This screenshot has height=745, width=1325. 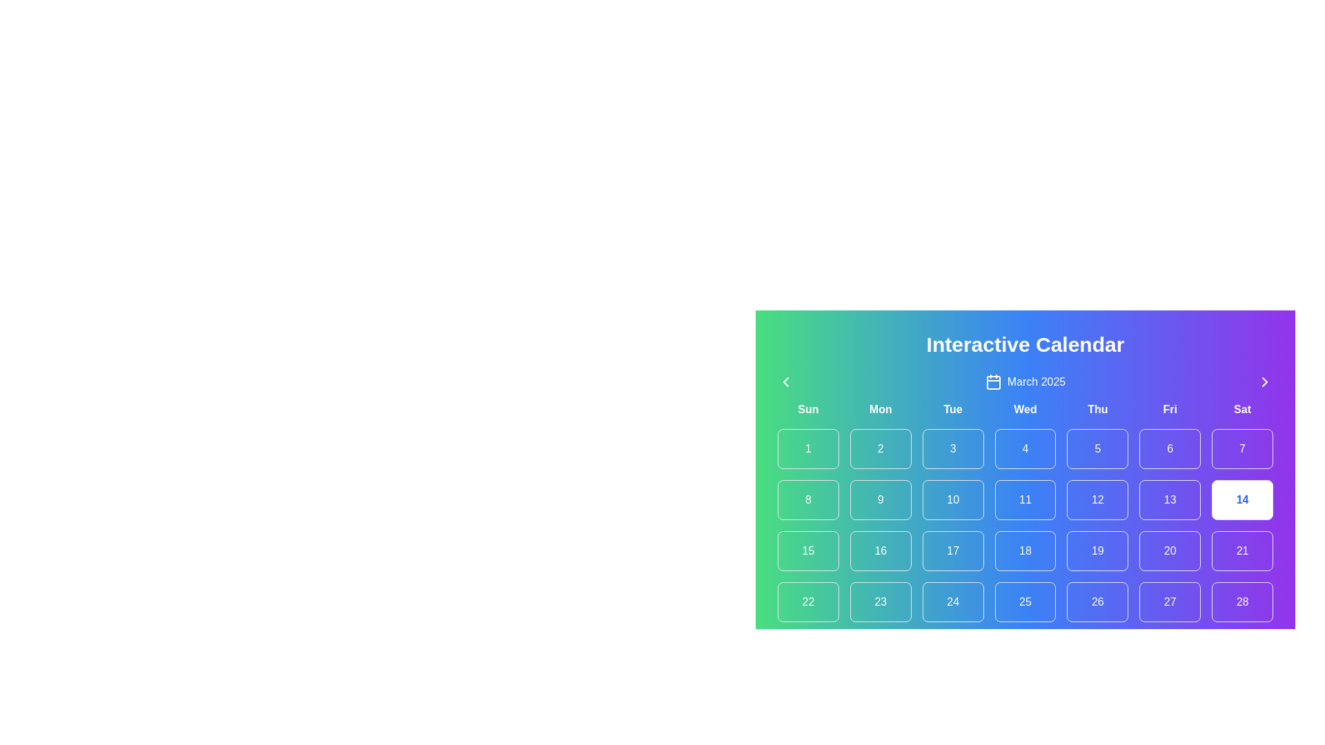 I want to click on the calendar day button labeled '1' with a green background, so click(x=808, y=449).